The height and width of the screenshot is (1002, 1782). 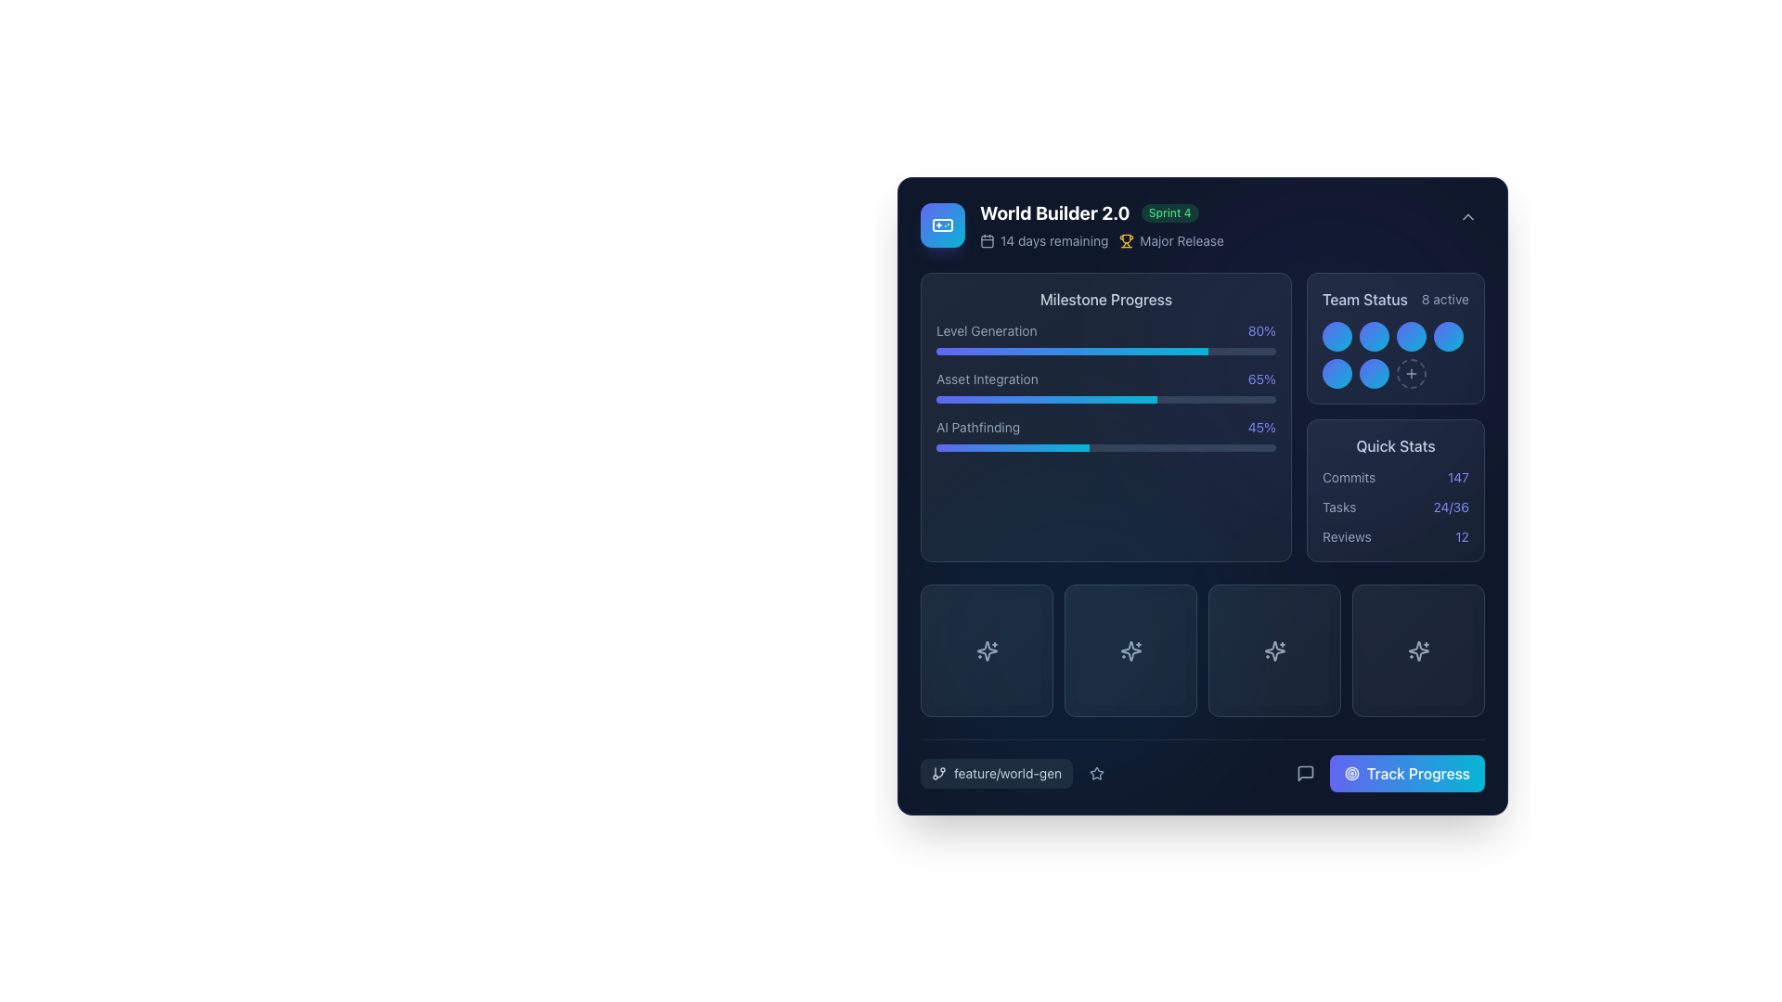 I want to click on the progress bar representing the completion status of the 'Level Generation' milestone, located in the 'Milestone Progress' section, so click(x=1105, y=351).